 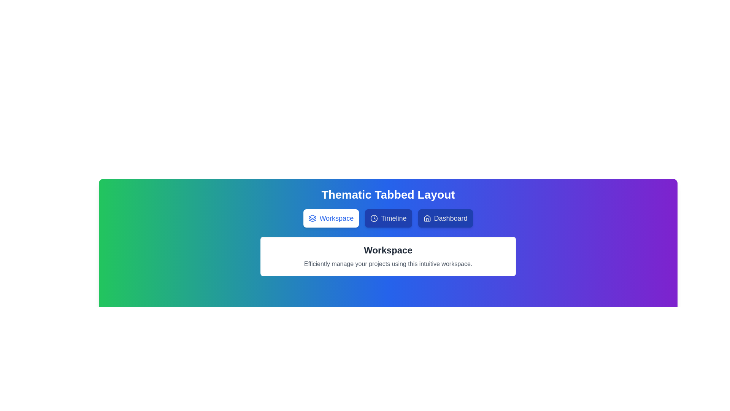 I want to click on the 'Workspace' button, which is a rectangular button with a white background and blue text, located at the leftmost position in a group of three buttons, so click(x=331, y=218).